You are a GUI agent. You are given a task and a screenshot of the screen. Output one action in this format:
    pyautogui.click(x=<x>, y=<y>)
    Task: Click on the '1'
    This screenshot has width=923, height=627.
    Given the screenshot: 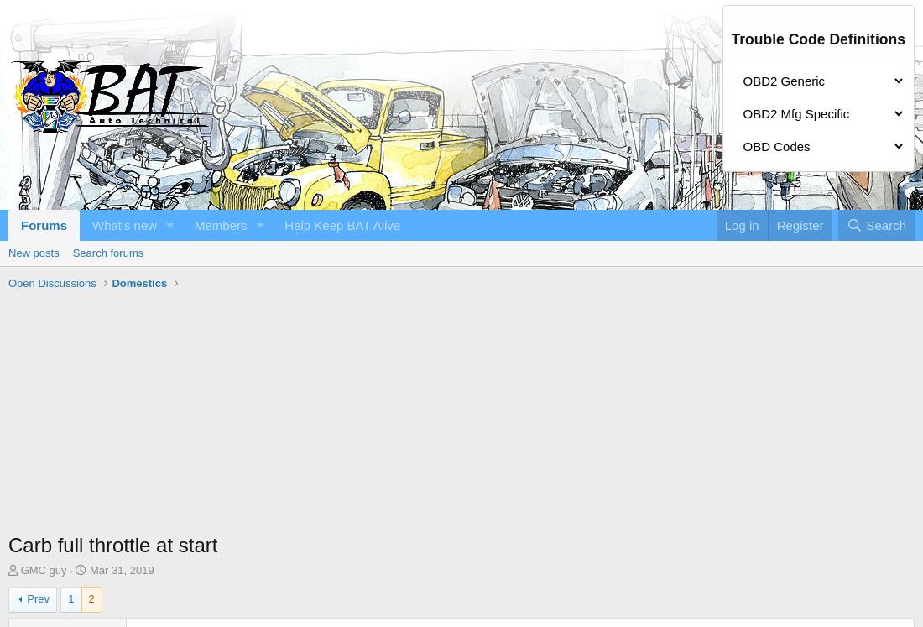 What is the action you would take?
    pyautogui.click(x=67, y=598)
    